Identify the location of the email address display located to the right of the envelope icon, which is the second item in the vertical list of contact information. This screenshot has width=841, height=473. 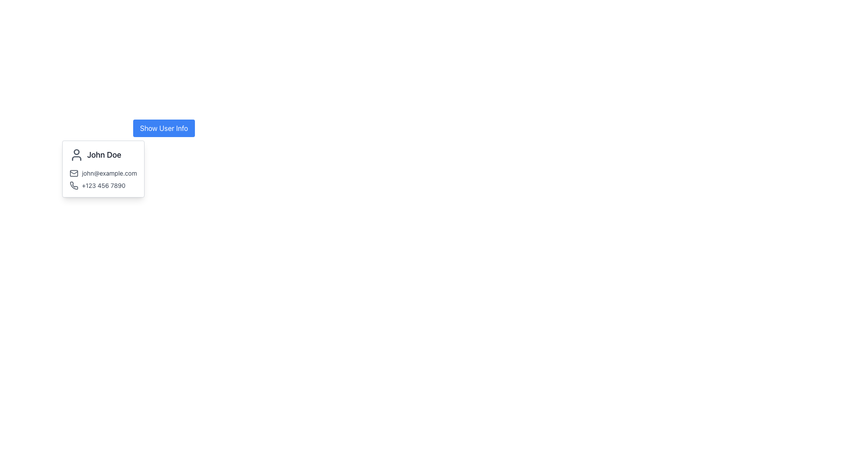
(109, 173).